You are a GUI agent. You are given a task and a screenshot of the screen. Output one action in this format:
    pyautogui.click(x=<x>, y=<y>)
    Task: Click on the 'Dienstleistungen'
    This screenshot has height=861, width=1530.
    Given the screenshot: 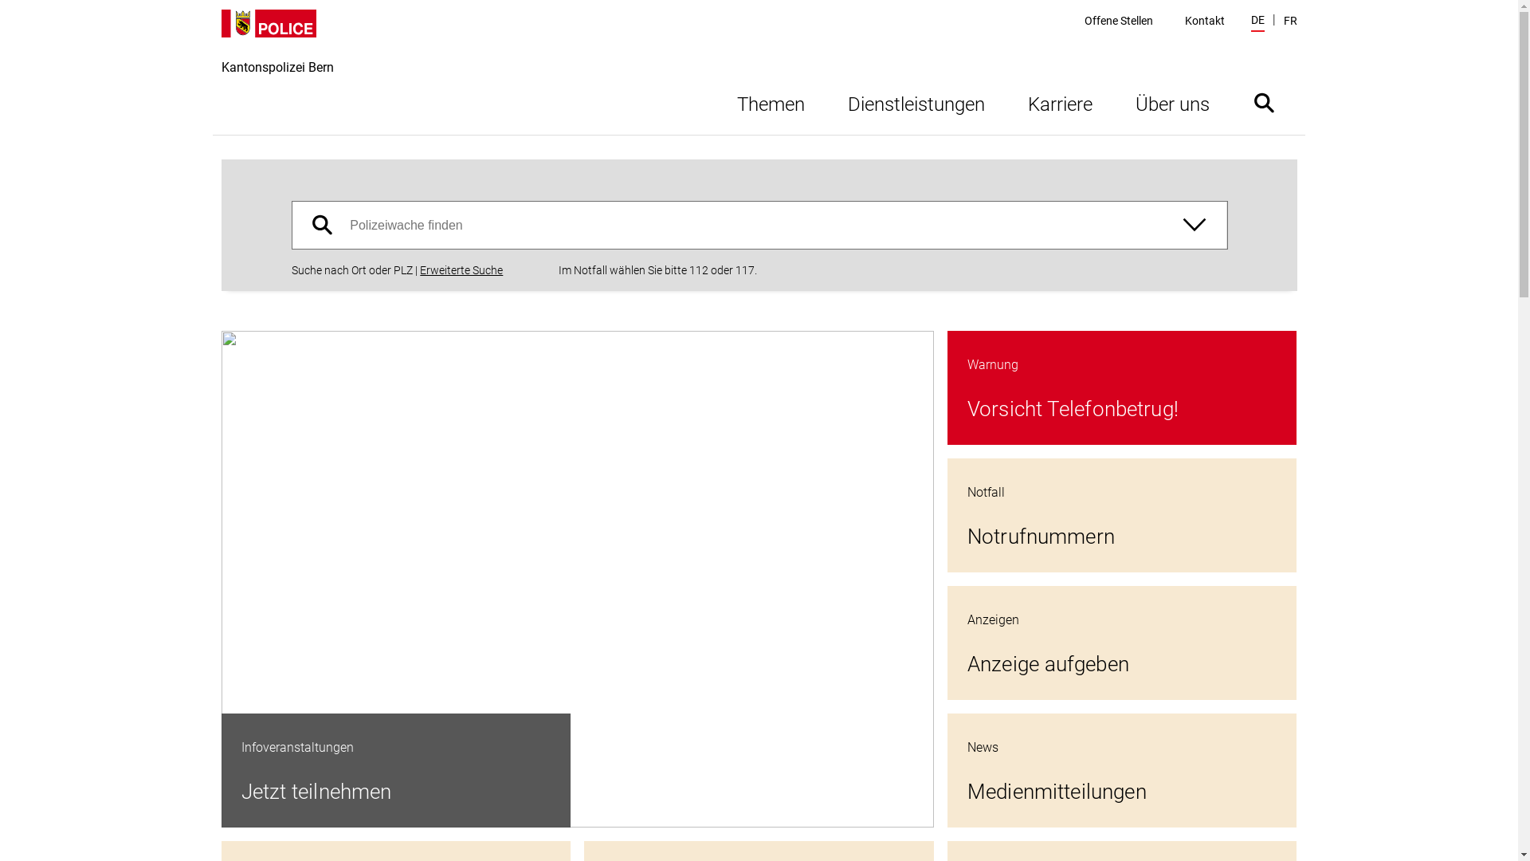 What is the action you would take?
    pyautogui.click(x=915, y=102)
    